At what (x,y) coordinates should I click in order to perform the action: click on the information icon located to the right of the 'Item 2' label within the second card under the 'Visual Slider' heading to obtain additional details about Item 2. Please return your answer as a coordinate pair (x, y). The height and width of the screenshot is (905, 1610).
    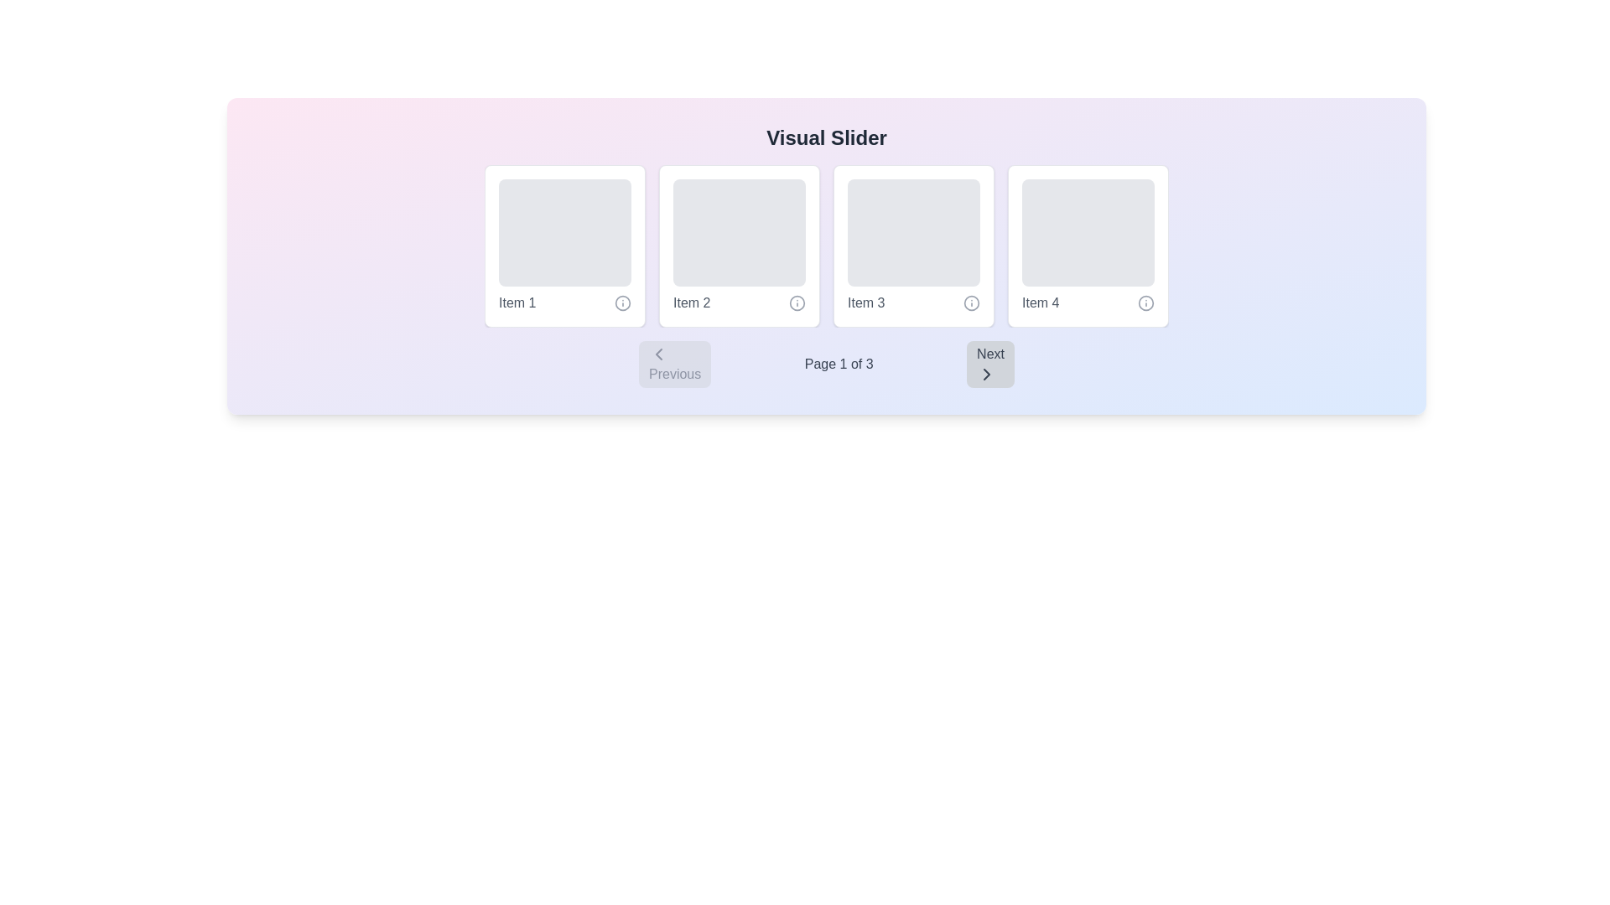
    Looking at the image, I should click on (796, 303).